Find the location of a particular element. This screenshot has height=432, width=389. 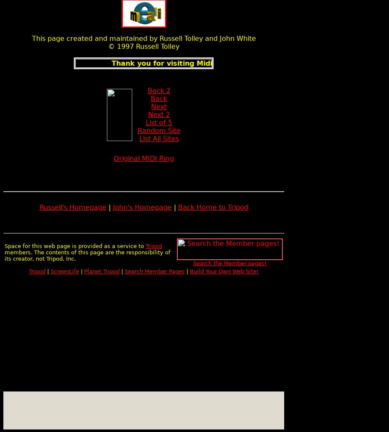

'ScreenLife' is located at coordinates (50, 271).